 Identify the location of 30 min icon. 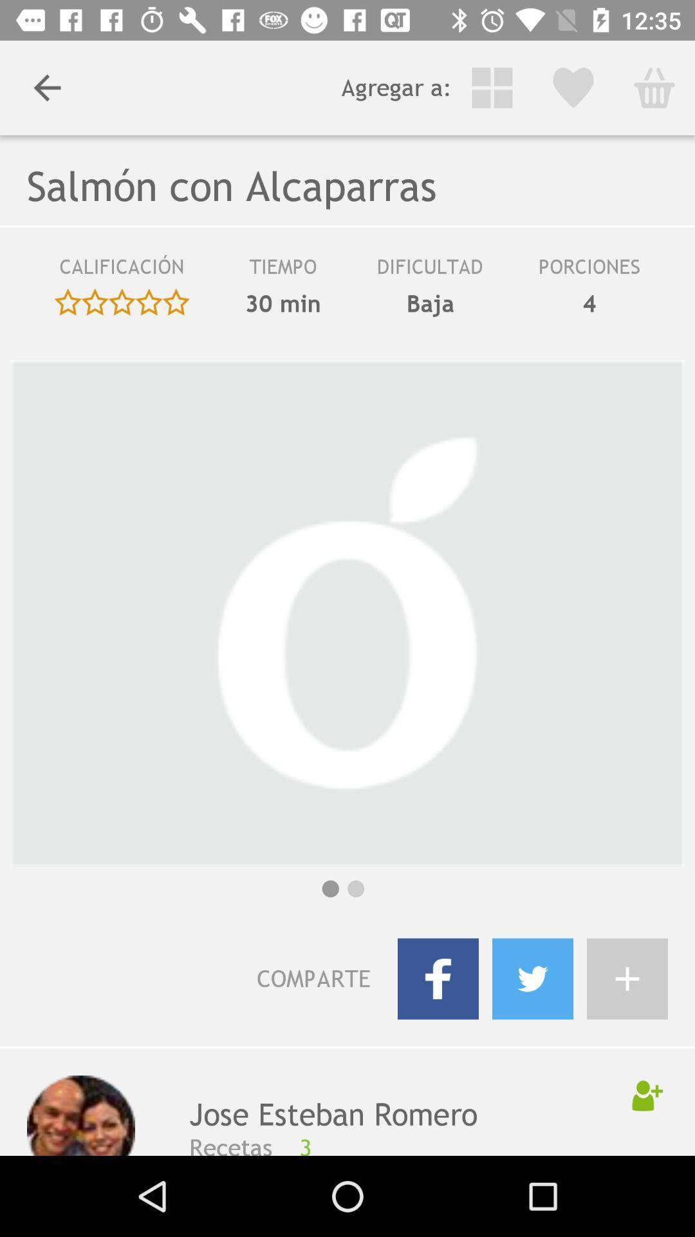
(282, 303).